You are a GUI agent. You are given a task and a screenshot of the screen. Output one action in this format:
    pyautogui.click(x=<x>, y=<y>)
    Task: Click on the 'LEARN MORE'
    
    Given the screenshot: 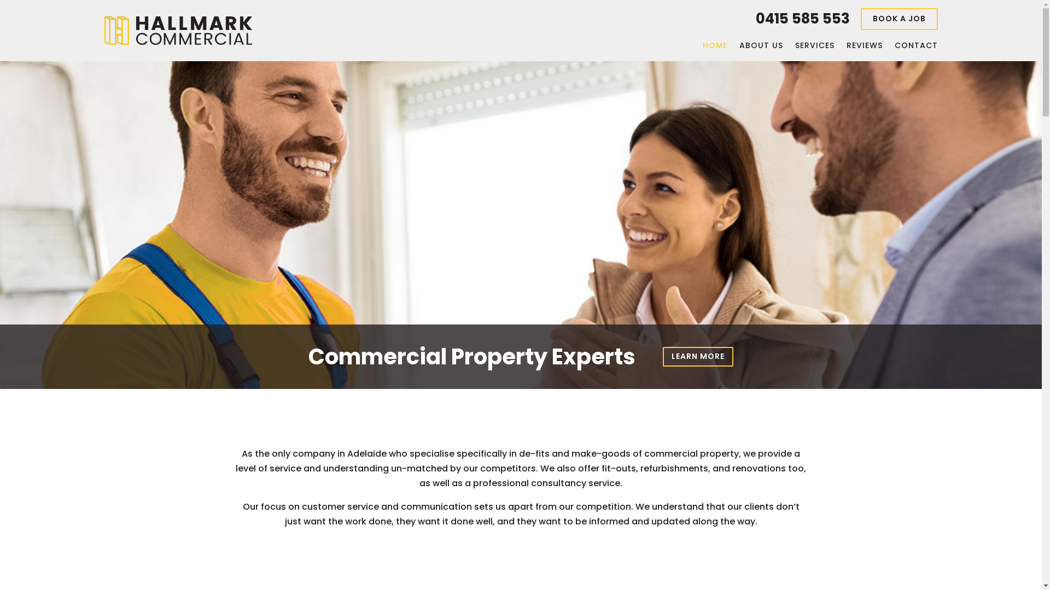 What is the action you would take?
    pyautogui.click(x=697, y=356)
    